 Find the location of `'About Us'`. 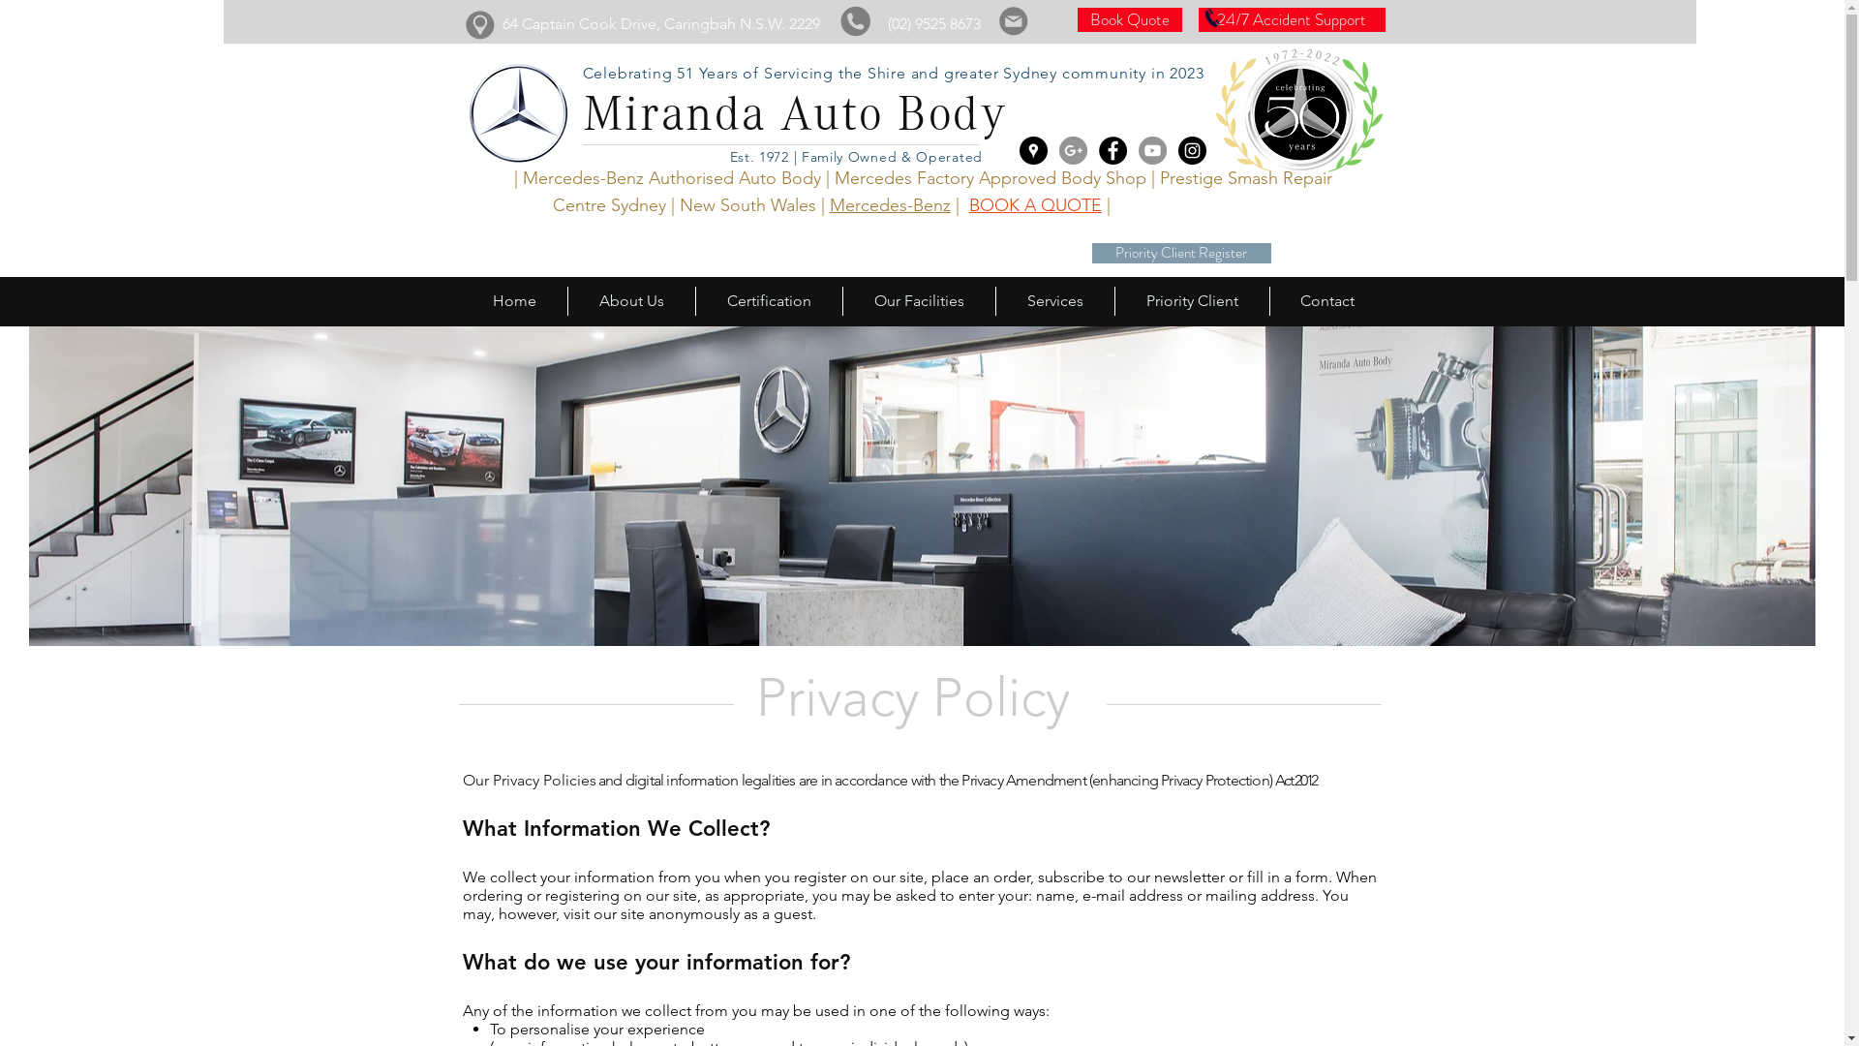

'About Us' is located at coordinates (631, 301).